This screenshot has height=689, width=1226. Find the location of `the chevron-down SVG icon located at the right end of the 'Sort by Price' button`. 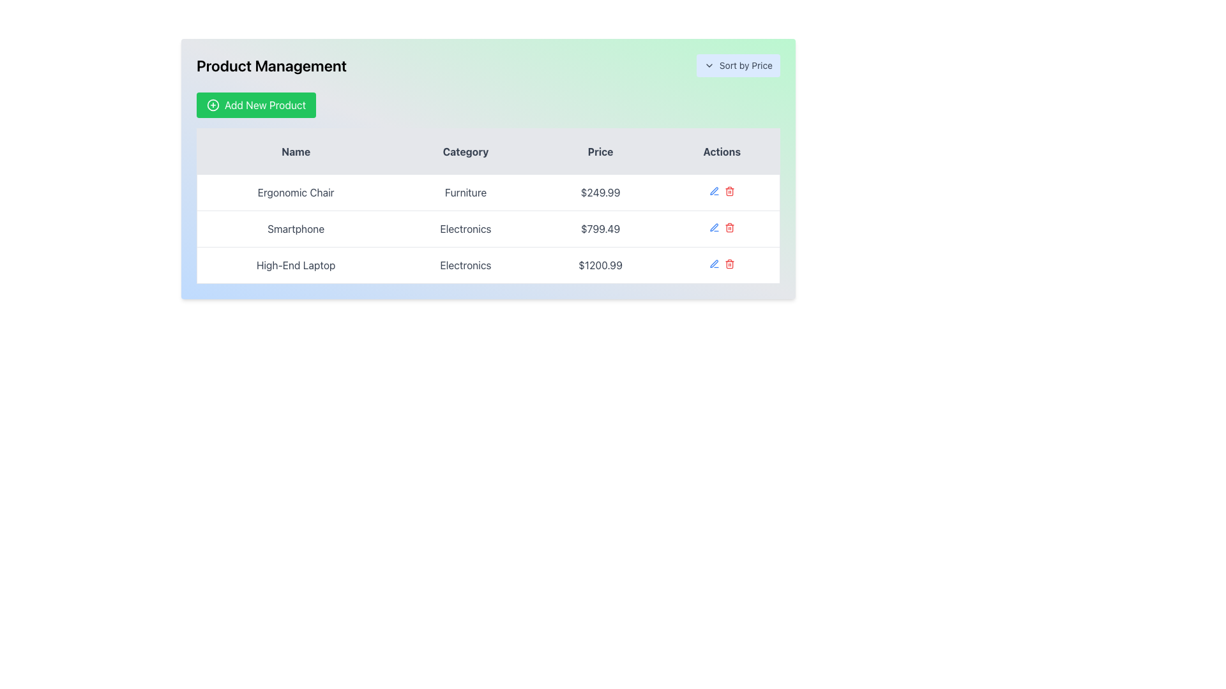

the chevron-down SVG icon located at the right end of the 'Sort by Price' button is located at coordinates (708, 66).